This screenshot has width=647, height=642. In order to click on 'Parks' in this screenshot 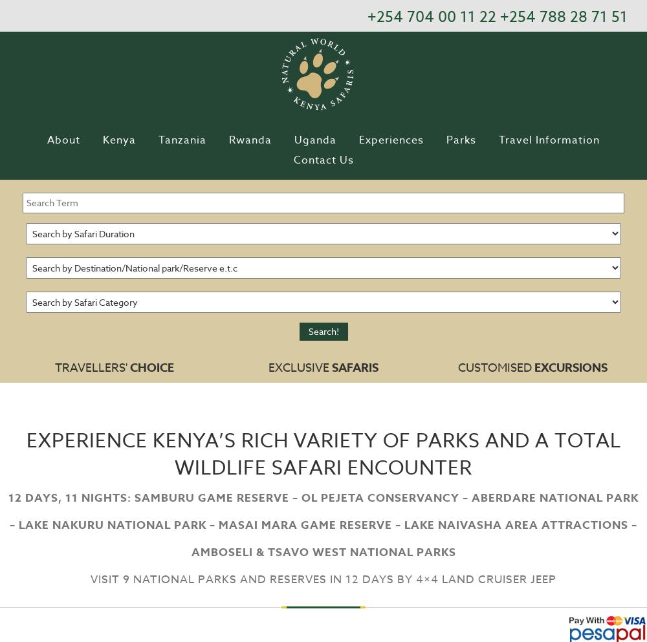, I will do `click(461, 139)`.